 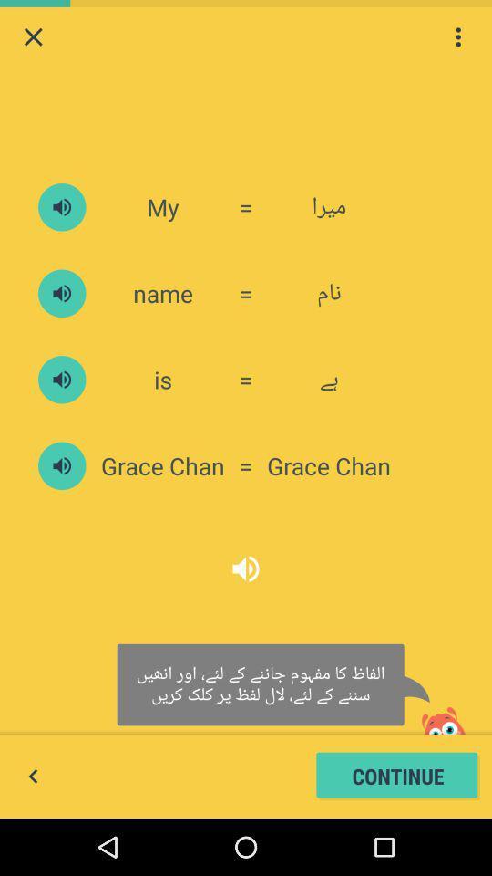 What do you see at coordinates (61, 314) in the screenshot?
I see `the volume icon` at bounding box center [61, 314].